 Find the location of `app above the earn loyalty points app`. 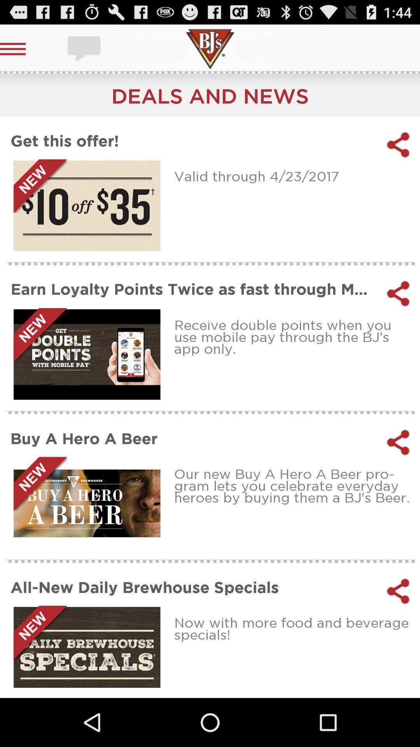

app above the earn loyalty points app is located at coordinates (294, 175).